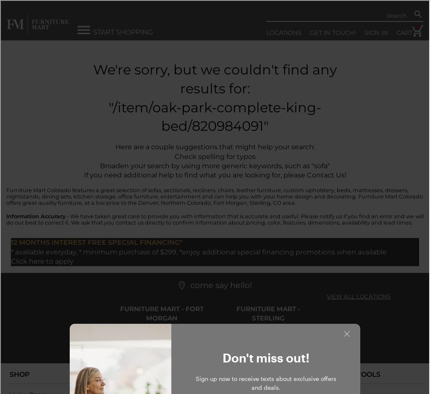 Image resolution: width=430 pixels, height=394 pixels. What do you see at coordinates (187, 335) in the screenshot?
I see `'80701'` at bounding box center [187, 335].